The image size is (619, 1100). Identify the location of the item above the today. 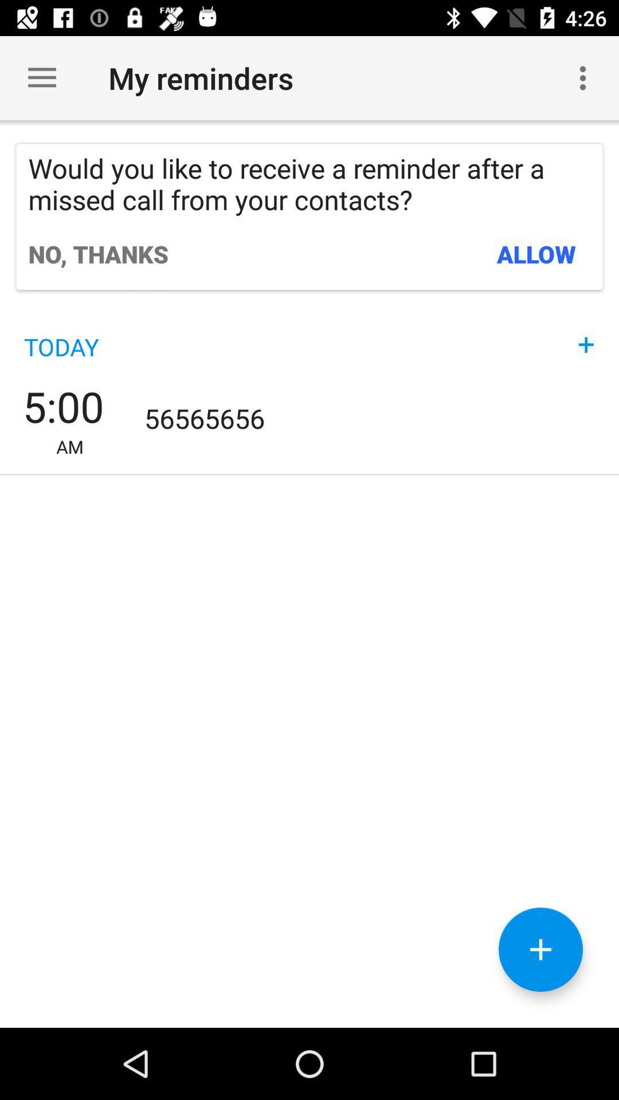
(97, 253).